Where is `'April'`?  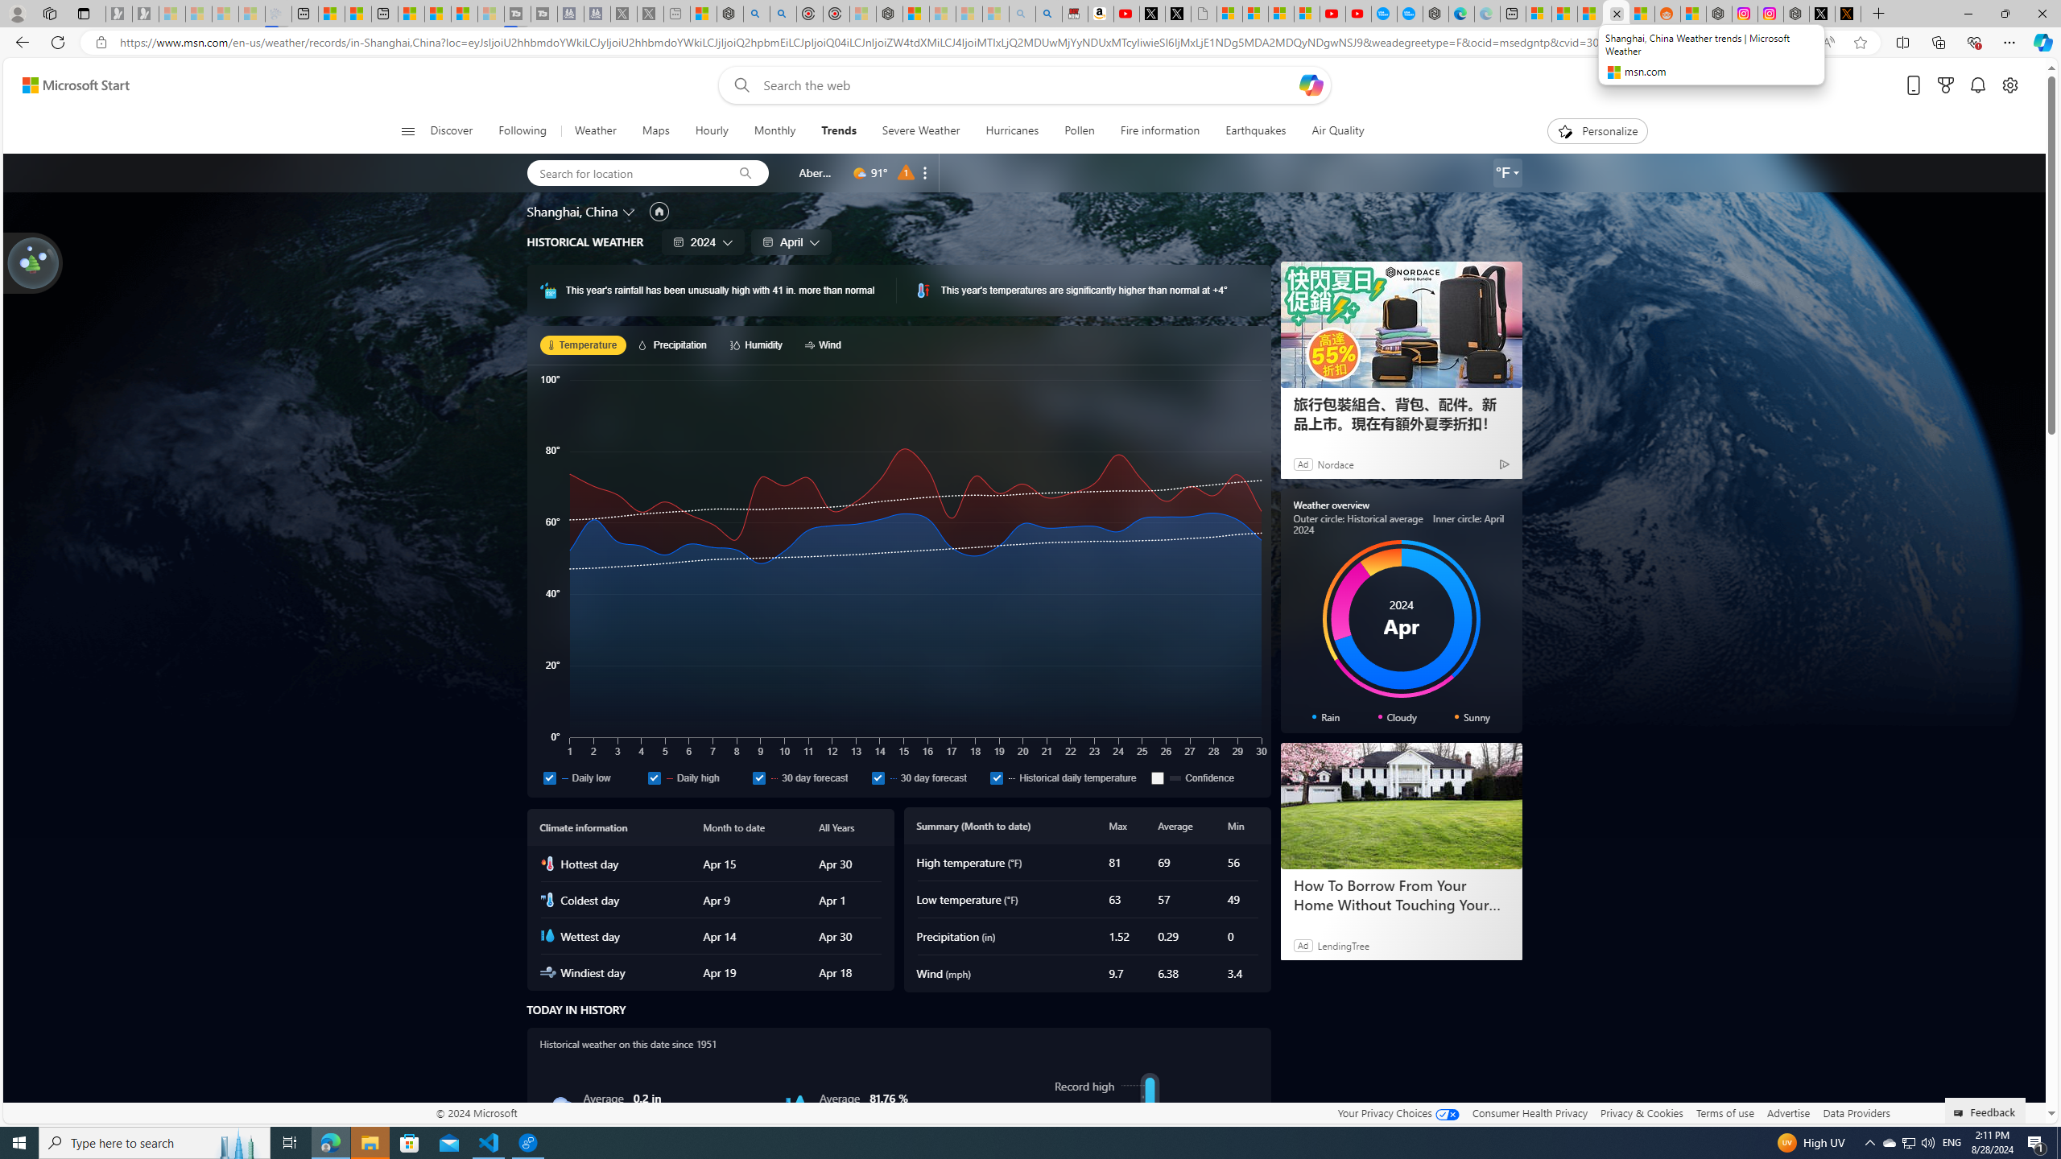
'April' is located at coordinates (791, 241).